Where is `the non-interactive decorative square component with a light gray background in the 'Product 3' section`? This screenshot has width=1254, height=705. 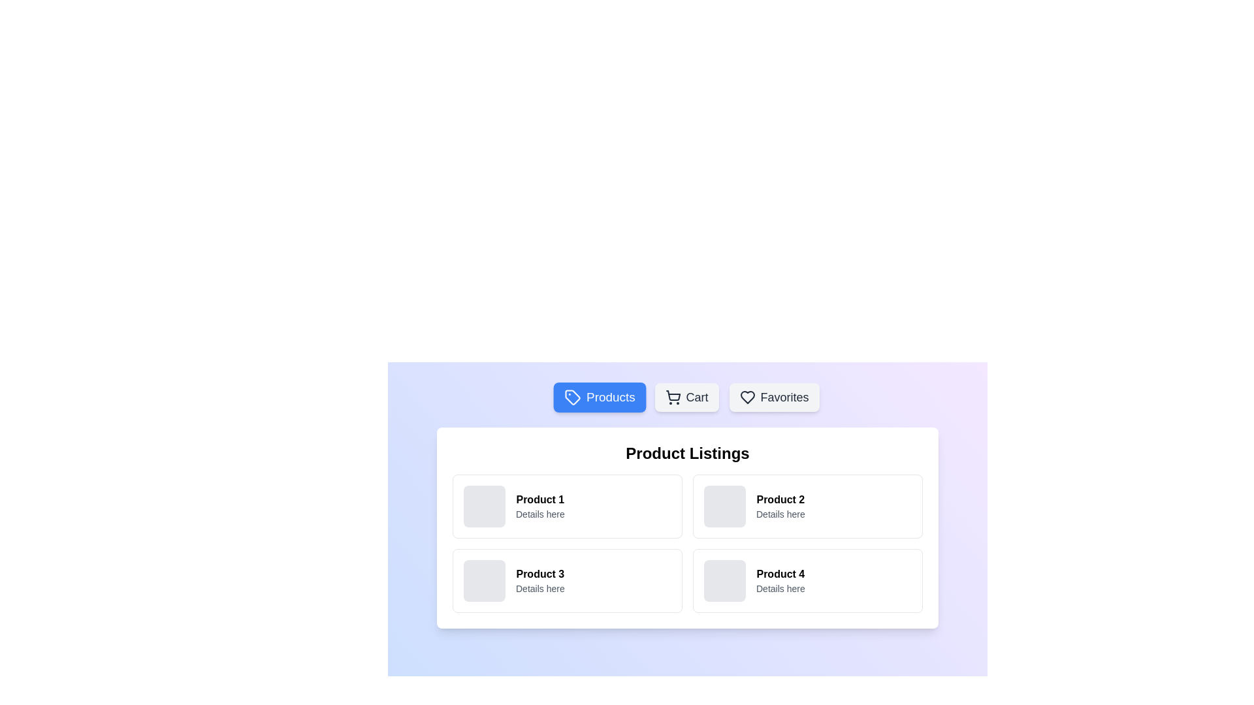
the non-interactive decorative square component with a light gray background in the 'Product 3' section is located at coordinates (484, 580).